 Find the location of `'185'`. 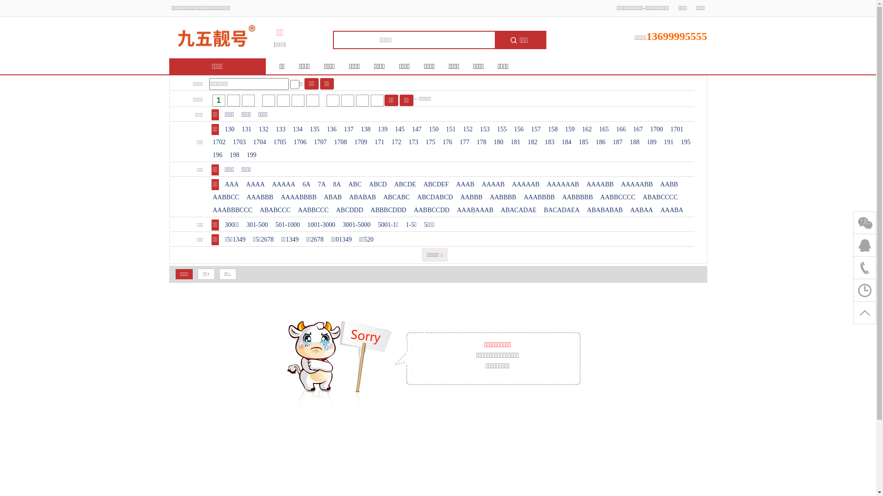

'185' is located at coordinates (583, 142).